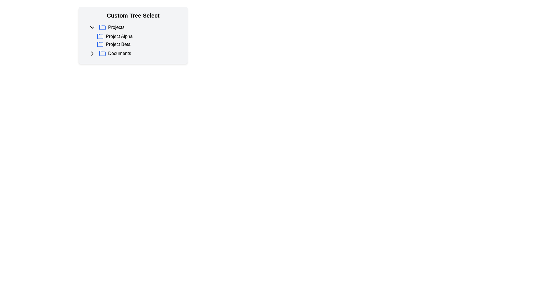 This screenshot has height=306, width=545. I want to click on the text label associated with the second item in the 'Custom Tree Select' menu, so click(119, 36).